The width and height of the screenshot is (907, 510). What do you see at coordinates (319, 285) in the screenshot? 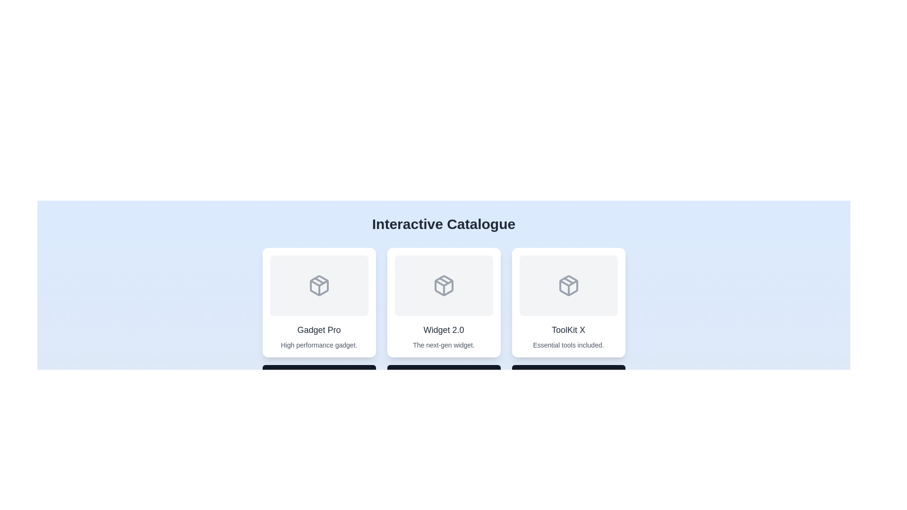
I see `the gray-colored 3D cube icon that is centered within the first card of the card layout, positioned below the title 'Interactive Catalogue' and above the text 'Gadget Pro'` at bounding box center [319, 285].